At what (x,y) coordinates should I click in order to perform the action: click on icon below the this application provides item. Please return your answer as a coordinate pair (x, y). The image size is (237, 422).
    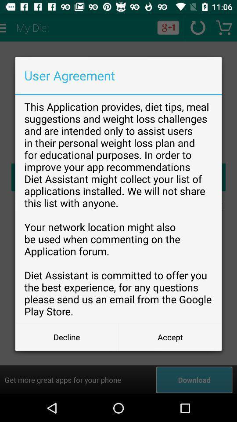
    Looking at the image, I should click on (66, 336).